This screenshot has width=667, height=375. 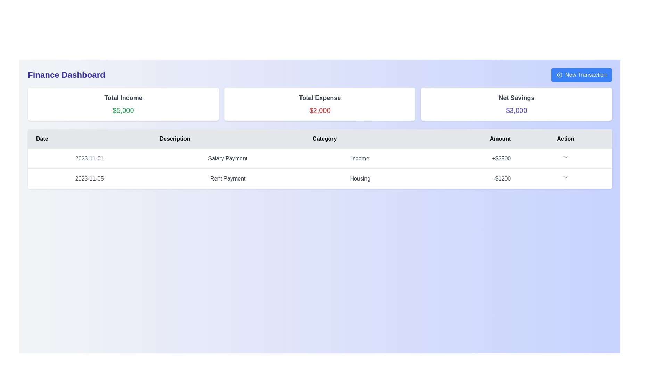 What do you see at coordinates (517, 110) in the screenshot?
I see `the displayed value of the text element showing '$3,000' in a vibrant indigo color, located in the 'Net Savings' card in the top-right section of the interface` at bounding box center [517, 110].